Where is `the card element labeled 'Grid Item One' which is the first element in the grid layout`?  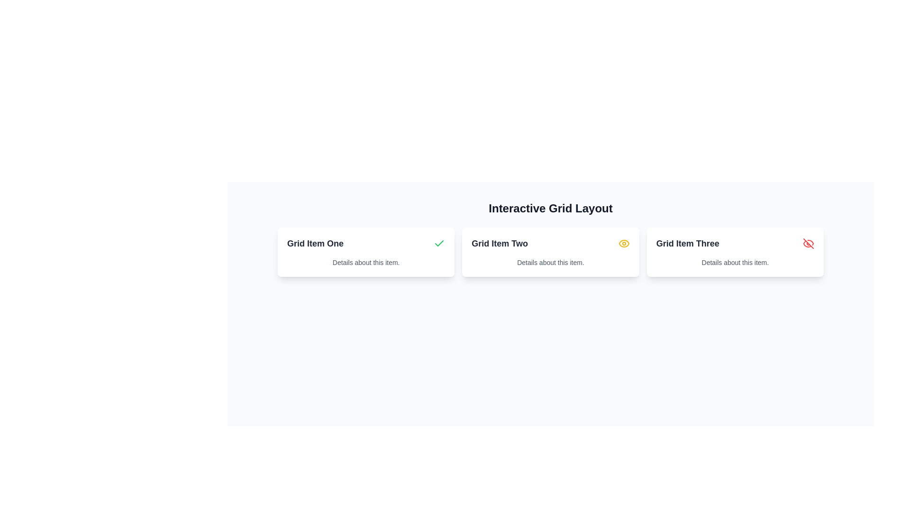 the card element labeled 'Grid Item One' which is the first element in the grid layout is located at coordinates (365, 252).